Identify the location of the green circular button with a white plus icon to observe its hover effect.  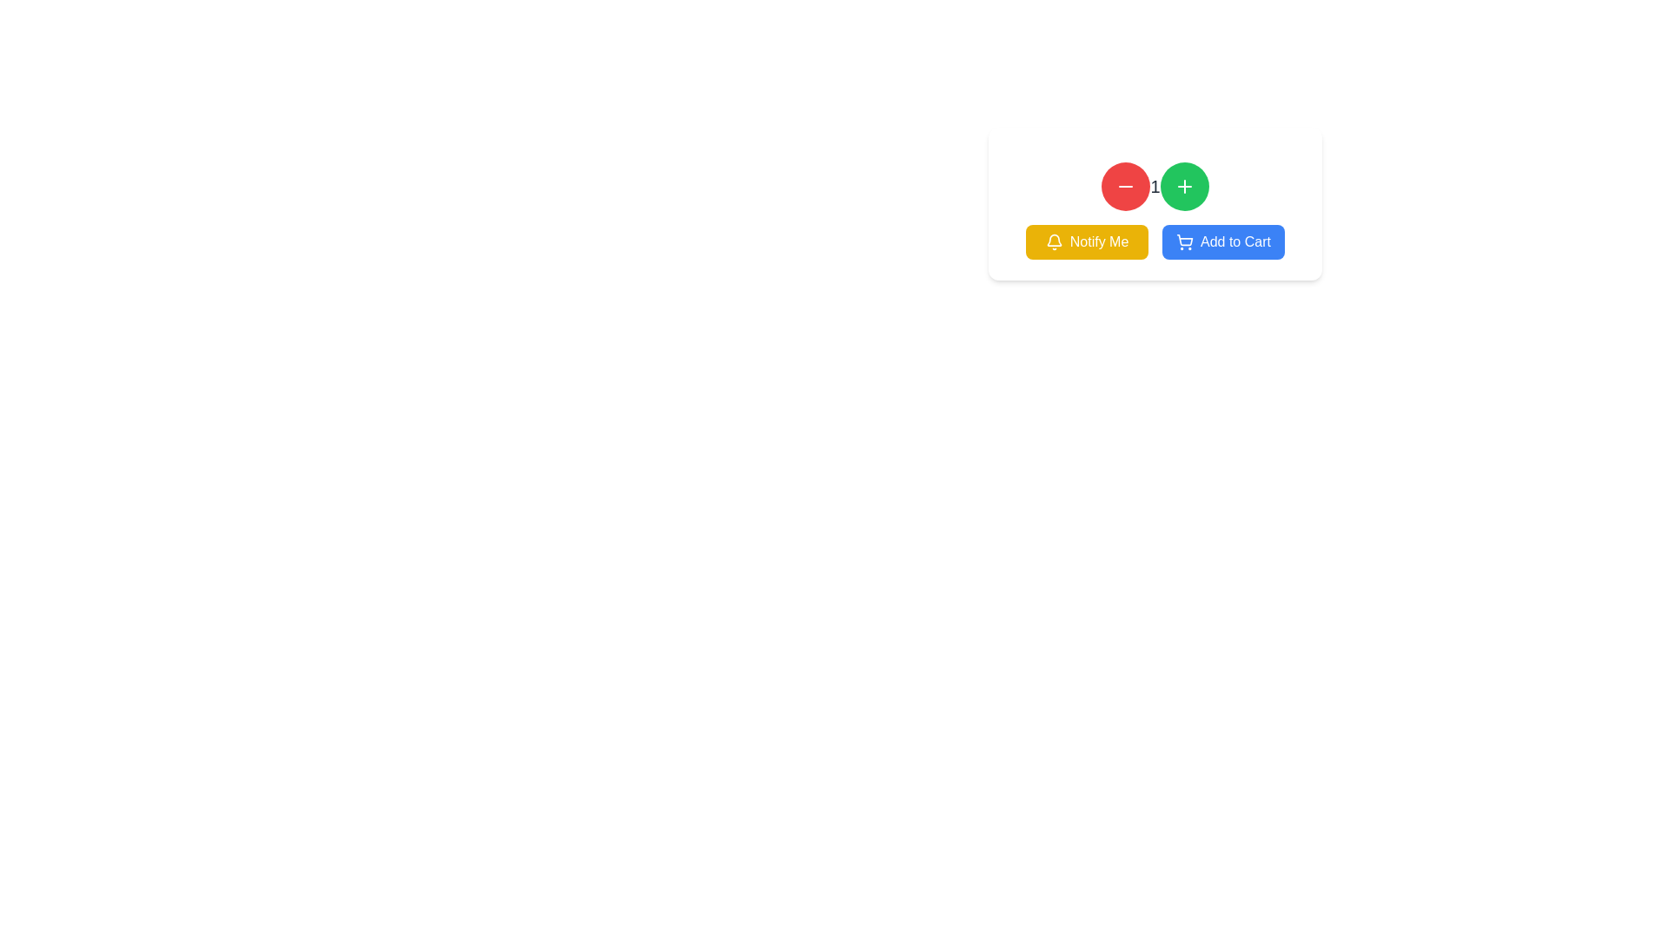
(1183, 187).